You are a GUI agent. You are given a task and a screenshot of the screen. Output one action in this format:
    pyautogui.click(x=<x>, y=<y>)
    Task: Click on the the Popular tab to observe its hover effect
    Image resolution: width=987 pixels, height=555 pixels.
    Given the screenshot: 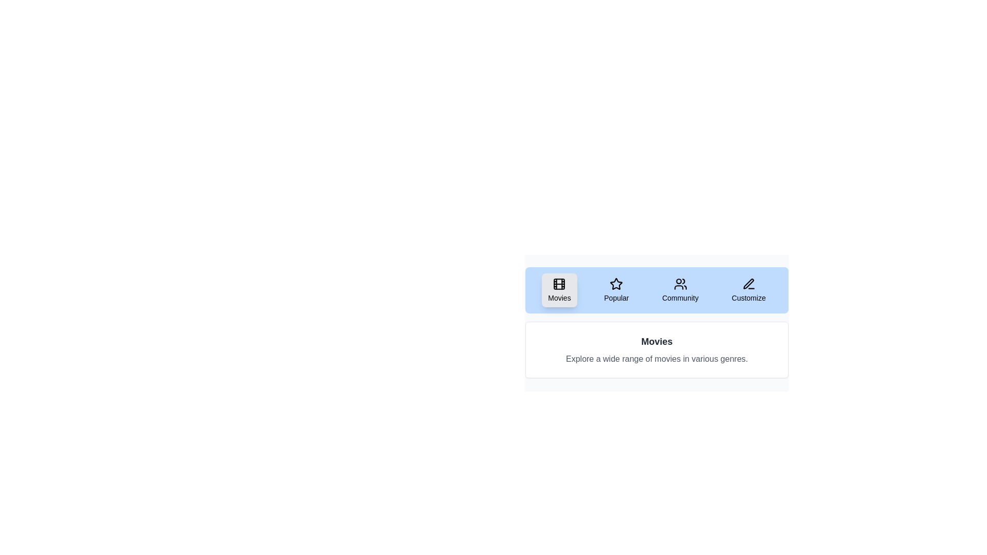 What is the action you would take?
    pyautogui.click(x=616, y=290)
    